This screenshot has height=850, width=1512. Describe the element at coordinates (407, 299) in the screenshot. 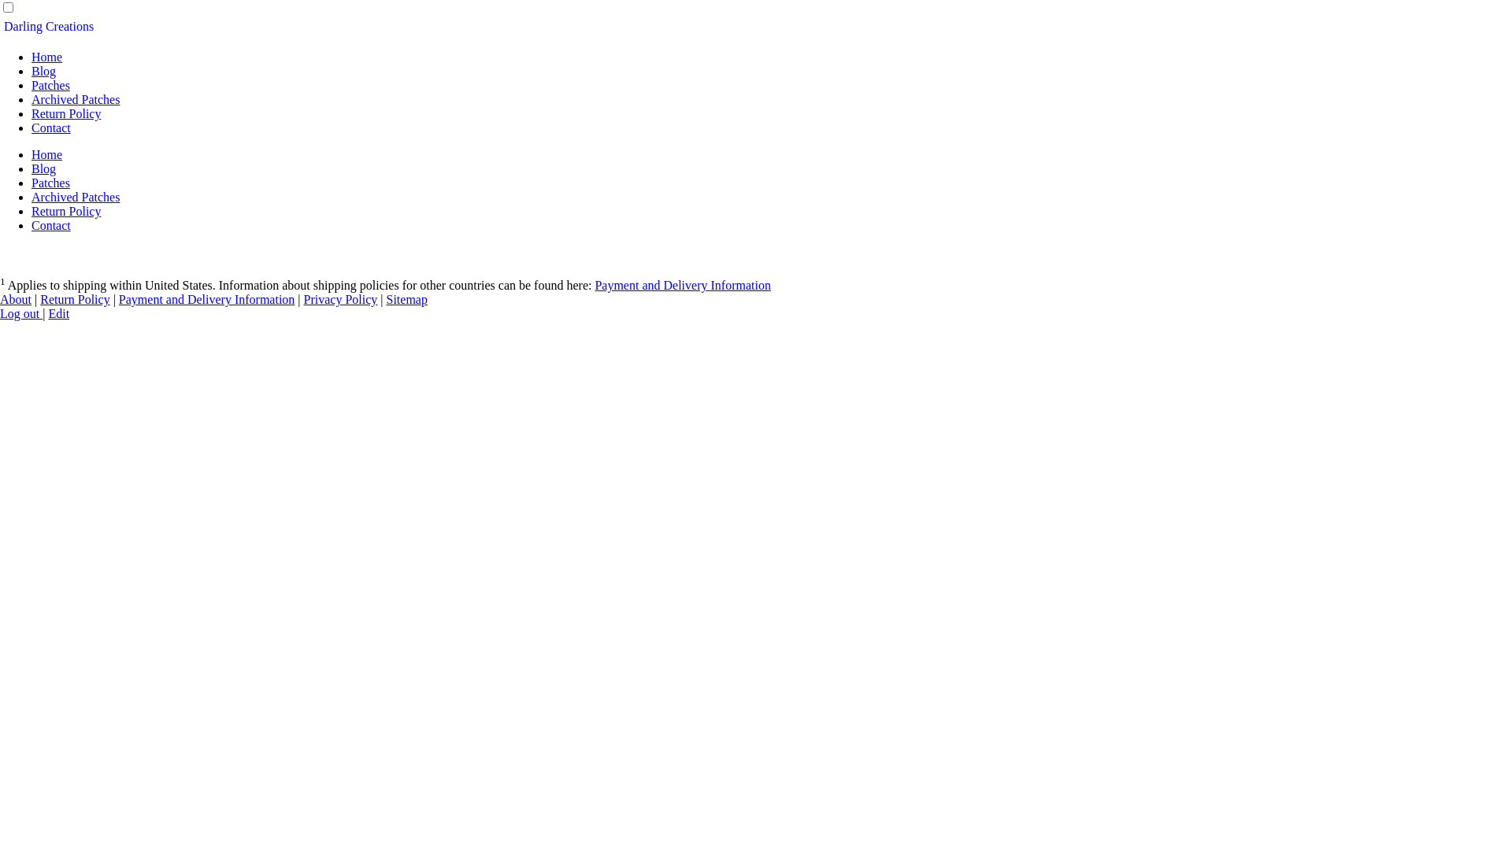

I see `'Sitemap'` at that location.